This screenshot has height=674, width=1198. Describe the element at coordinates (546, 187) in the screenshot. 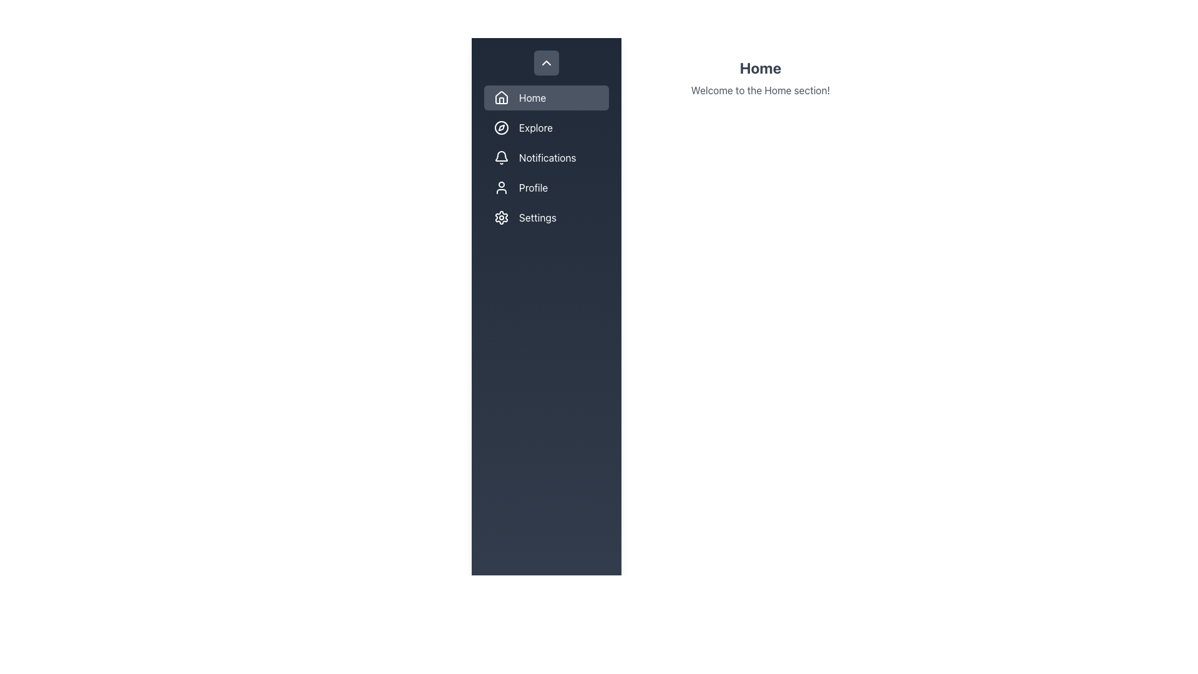

I see `the 'Profile' button in the vertical navigation list` at that location.